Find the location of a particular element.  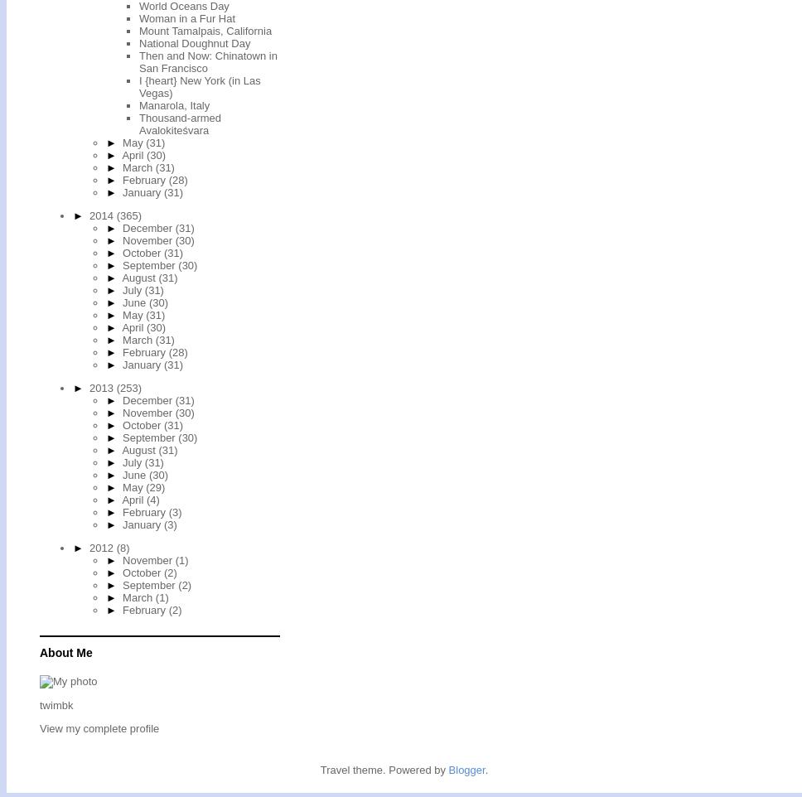

'Woman in a Fur Hat' is located at coordinates (186, 17).